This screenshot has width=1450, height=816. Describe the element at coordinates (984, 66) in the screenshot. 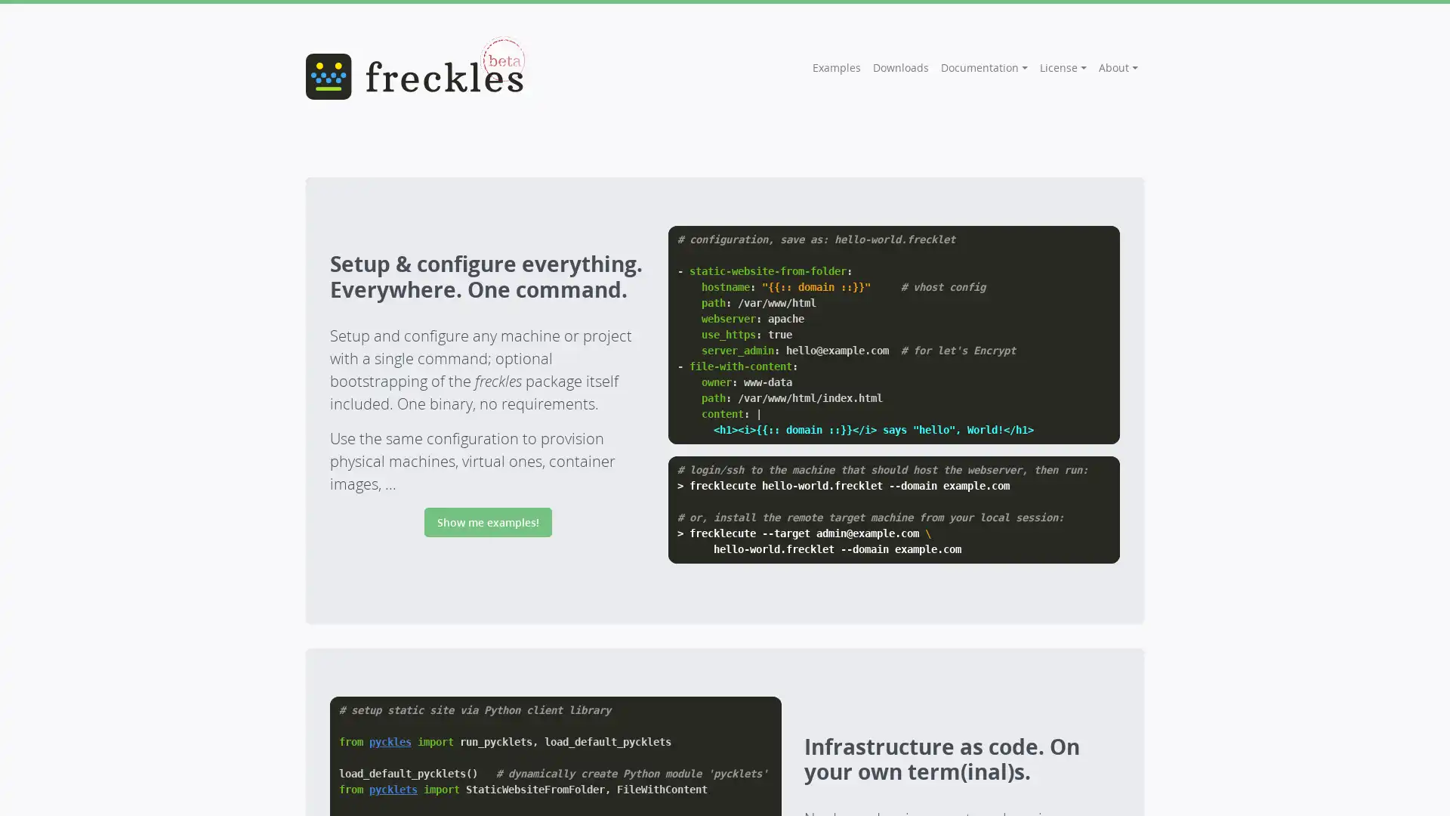

I see `Documentation` at that location.